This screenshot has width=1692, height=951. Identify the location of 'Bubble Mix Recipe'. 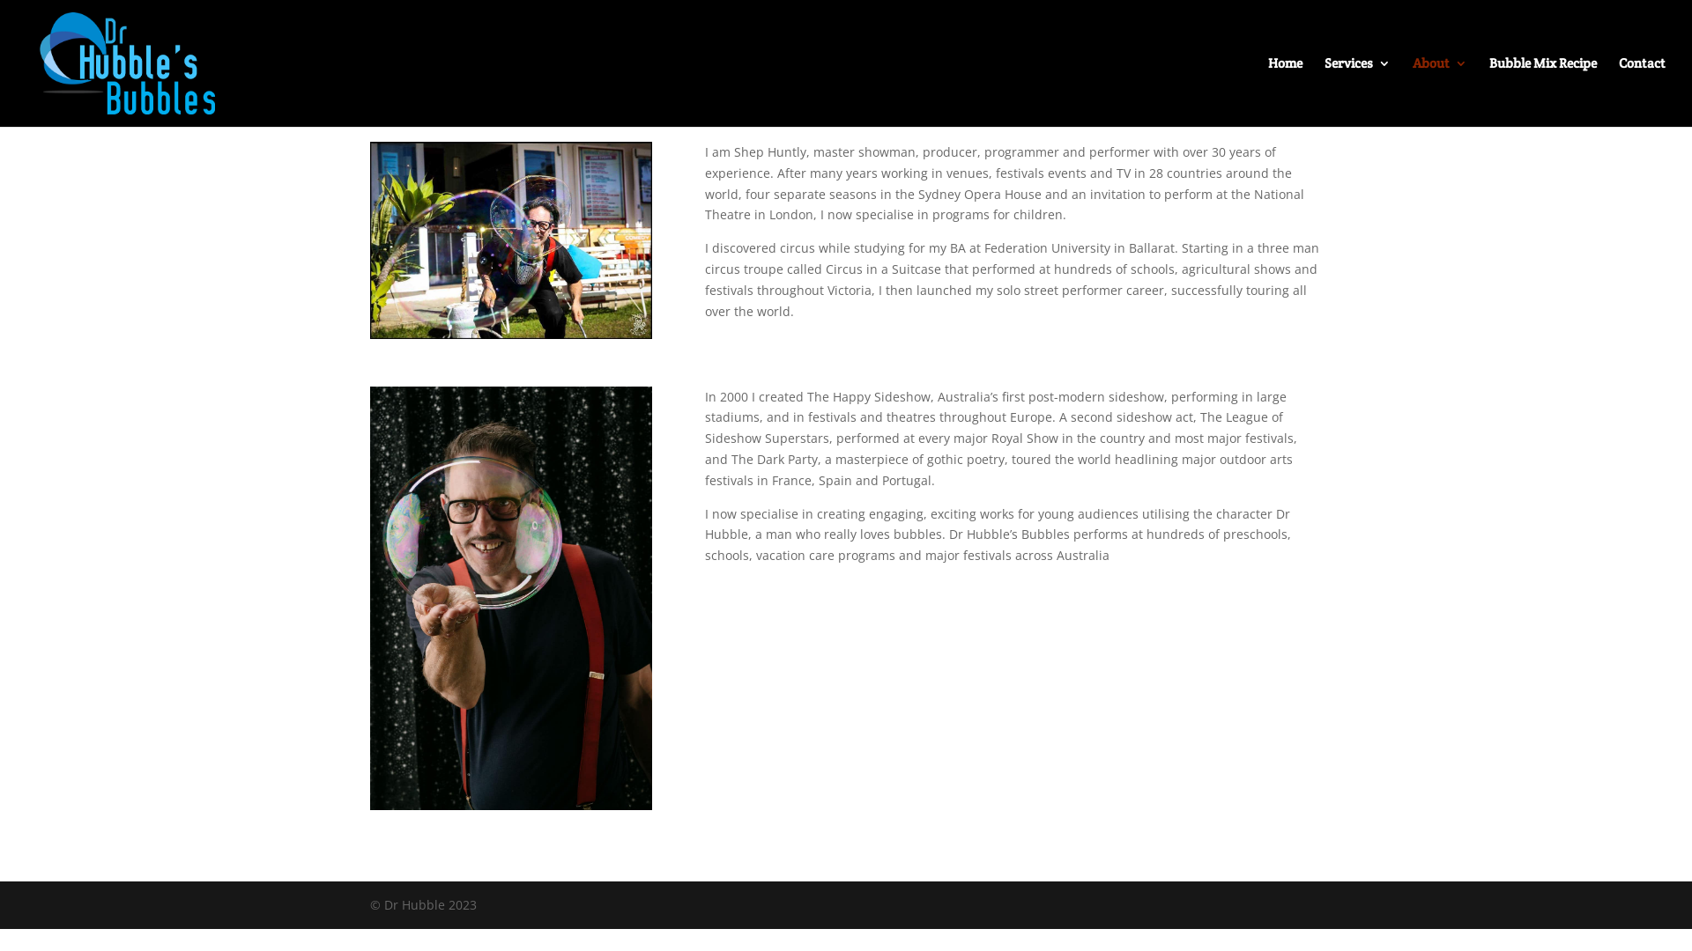
(1542, 92).